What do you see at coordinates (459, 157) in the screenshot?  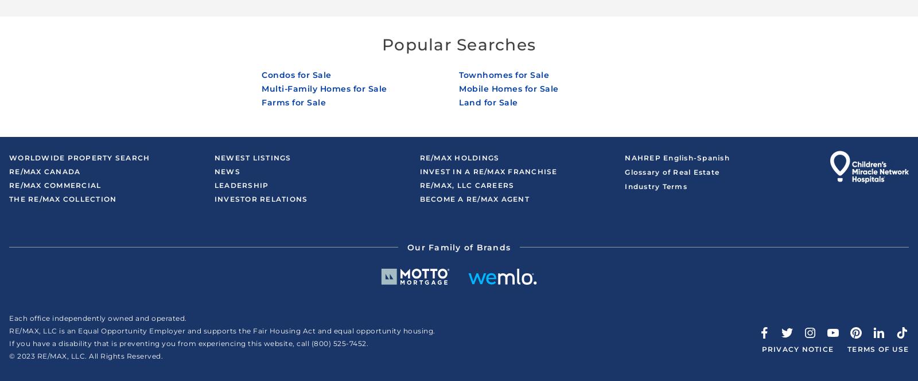 I see `'RE/MAX Holdings'` at bounding box center [459, 157].